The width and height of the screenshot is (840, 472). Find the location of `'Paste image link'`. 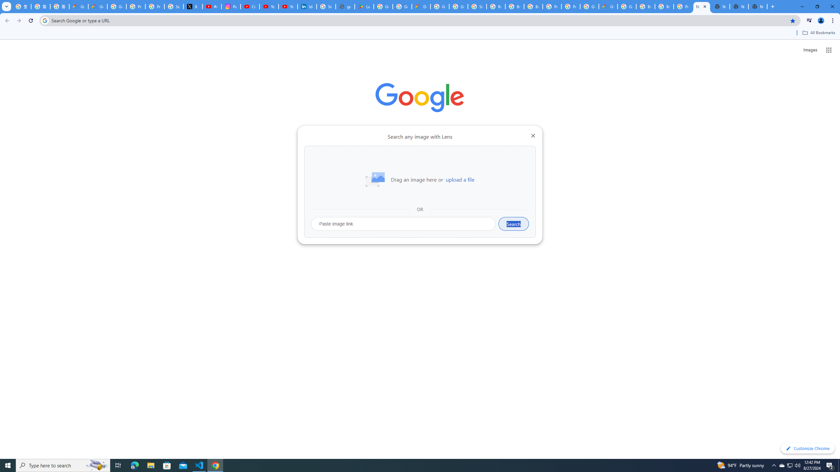

'Paste image link' is located at coordinates (404, 224).